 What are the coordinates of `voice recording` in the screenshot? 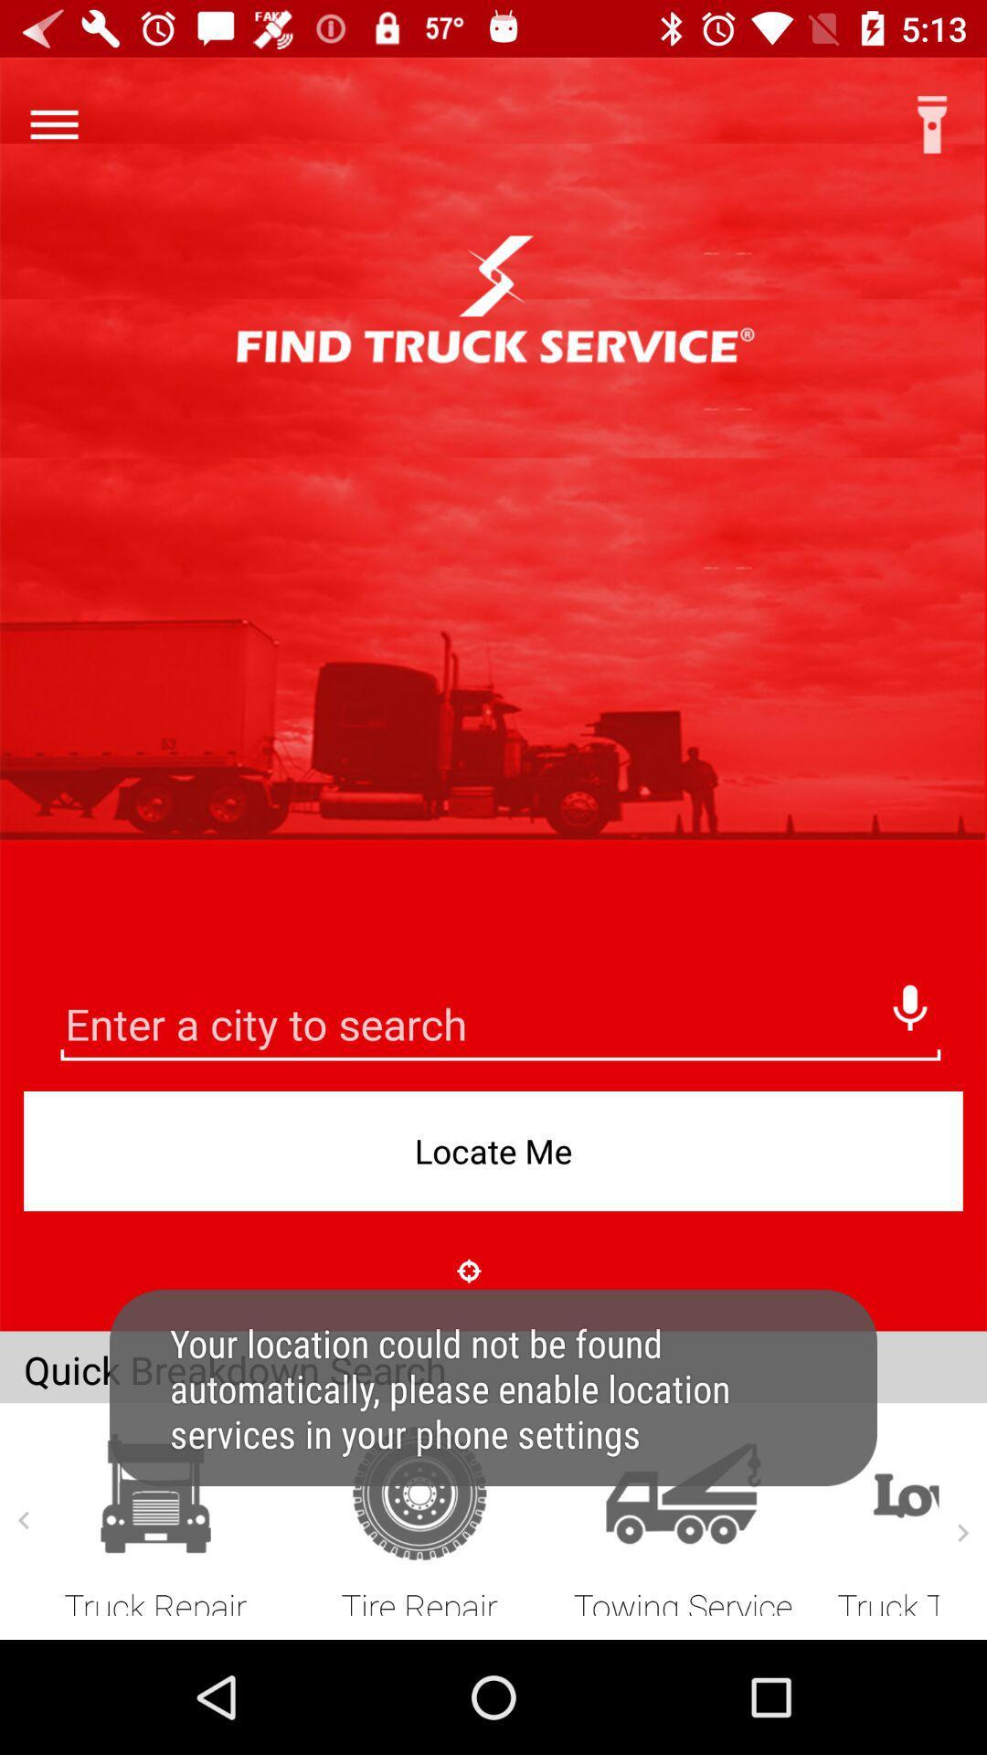 It's located at (909, 1002).